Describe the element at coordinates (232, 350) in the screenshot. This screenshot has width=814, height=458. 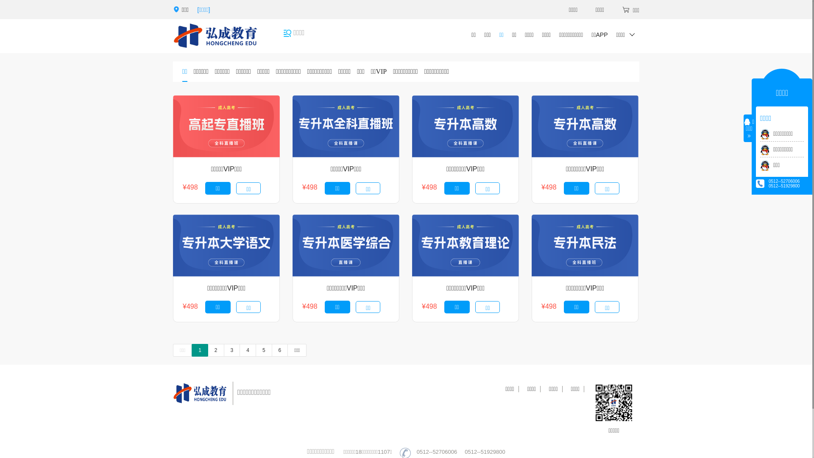
I see `'3'` at that location.